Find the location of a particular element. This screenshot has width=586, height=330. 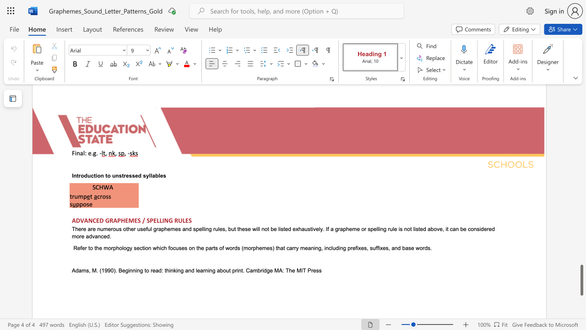

the scrollbar on the right to shift the page higher is located at coordinates (581, 183).